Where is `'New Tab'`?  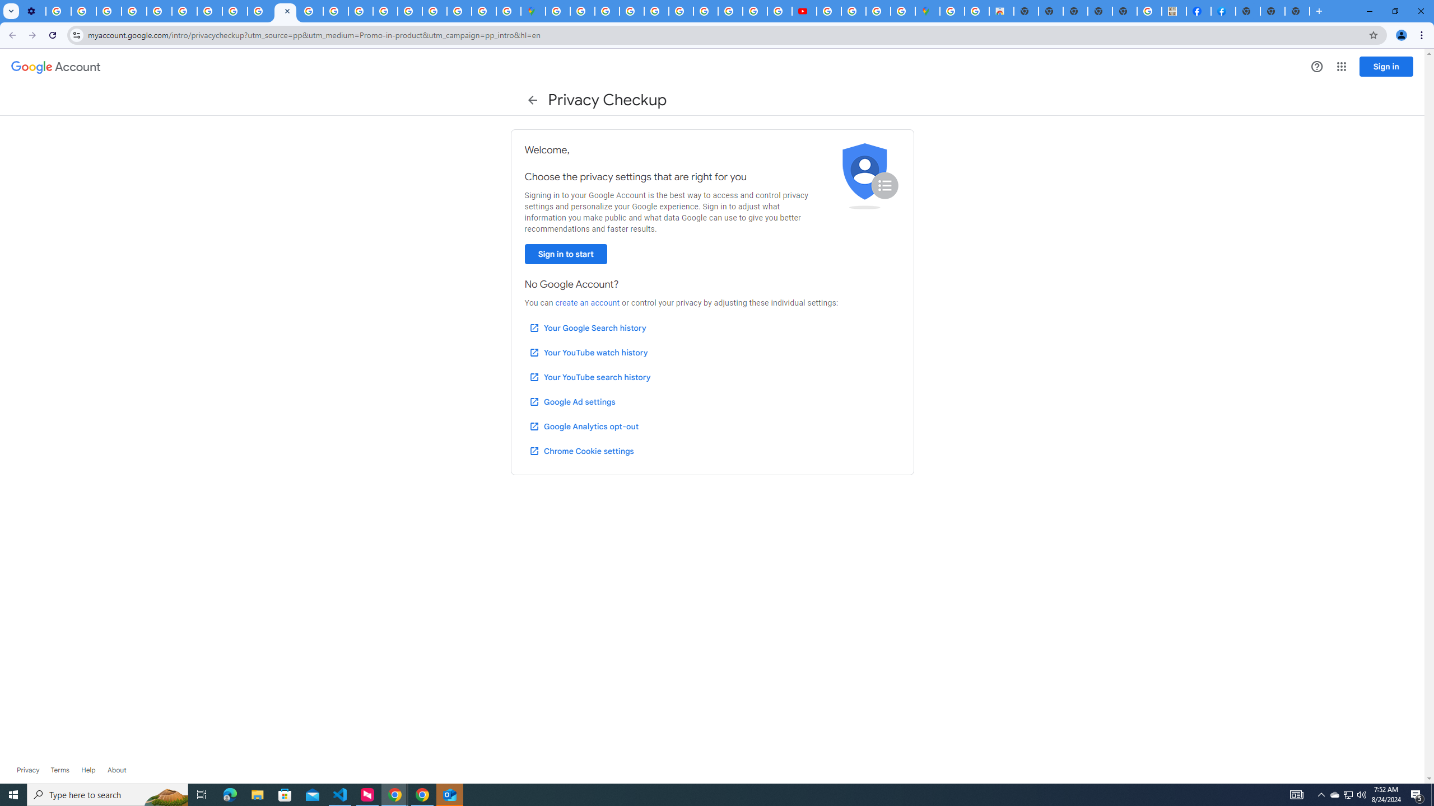 'New Tab' is located at coordinates (1297, 11).